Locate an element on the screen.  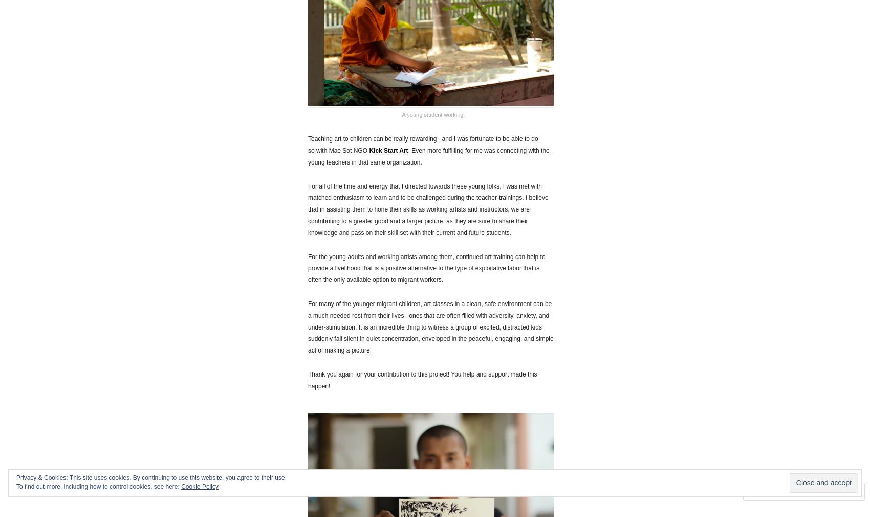
'For all of the time and energy that I directed towards these young folks, I was met with matched enthusiasm to learn and to be challenged during the teacher-trainings.' is located at coordinates (307, 191).